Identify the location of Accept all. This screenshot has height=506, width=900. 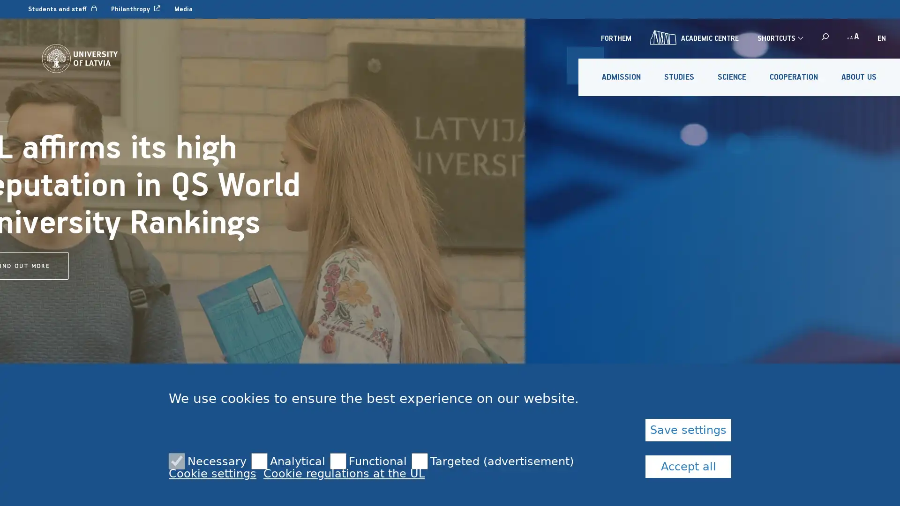
(688, 466).